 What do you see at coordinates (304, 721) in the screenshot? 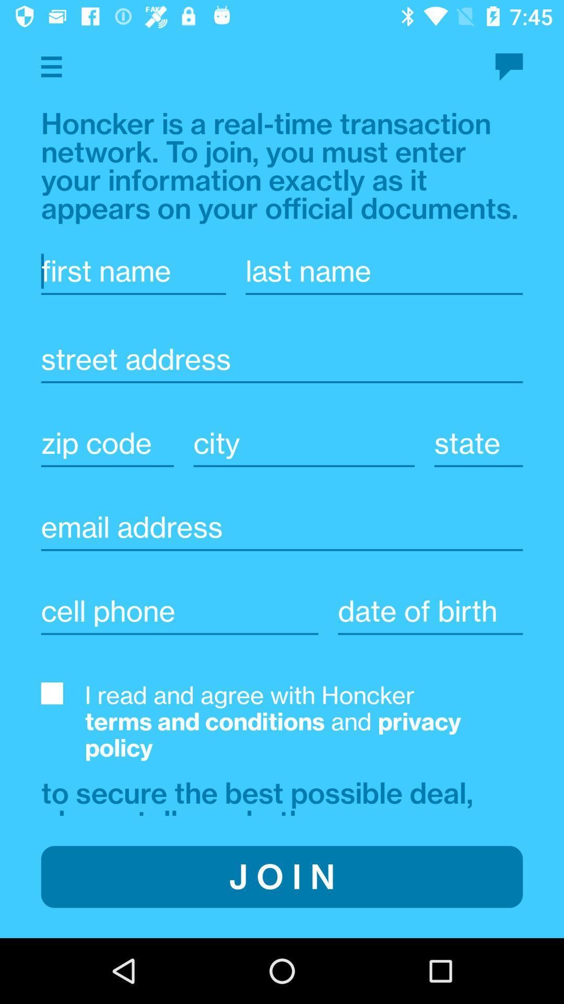
I see `the item above to secure the` at bounding box center [304, 721].